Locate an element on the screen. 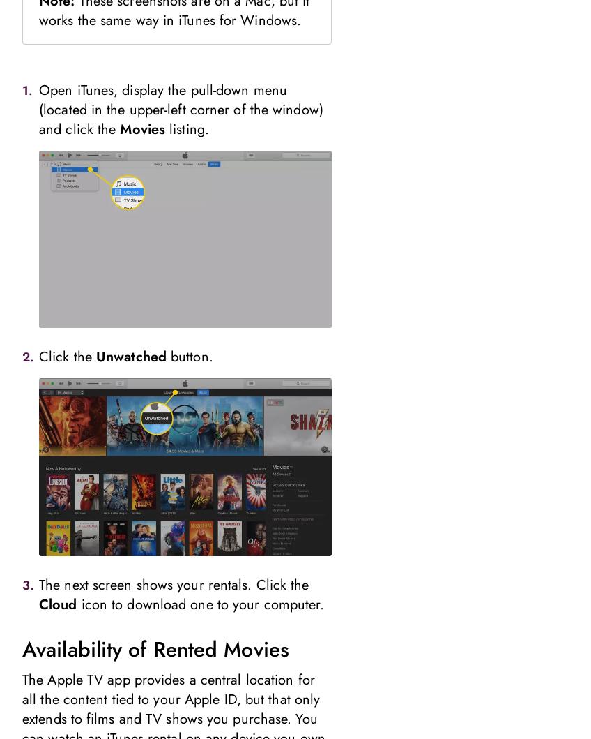 The height and width of the screenshot is (739, 591). 'Click the' is located at coordinates (68, 357).